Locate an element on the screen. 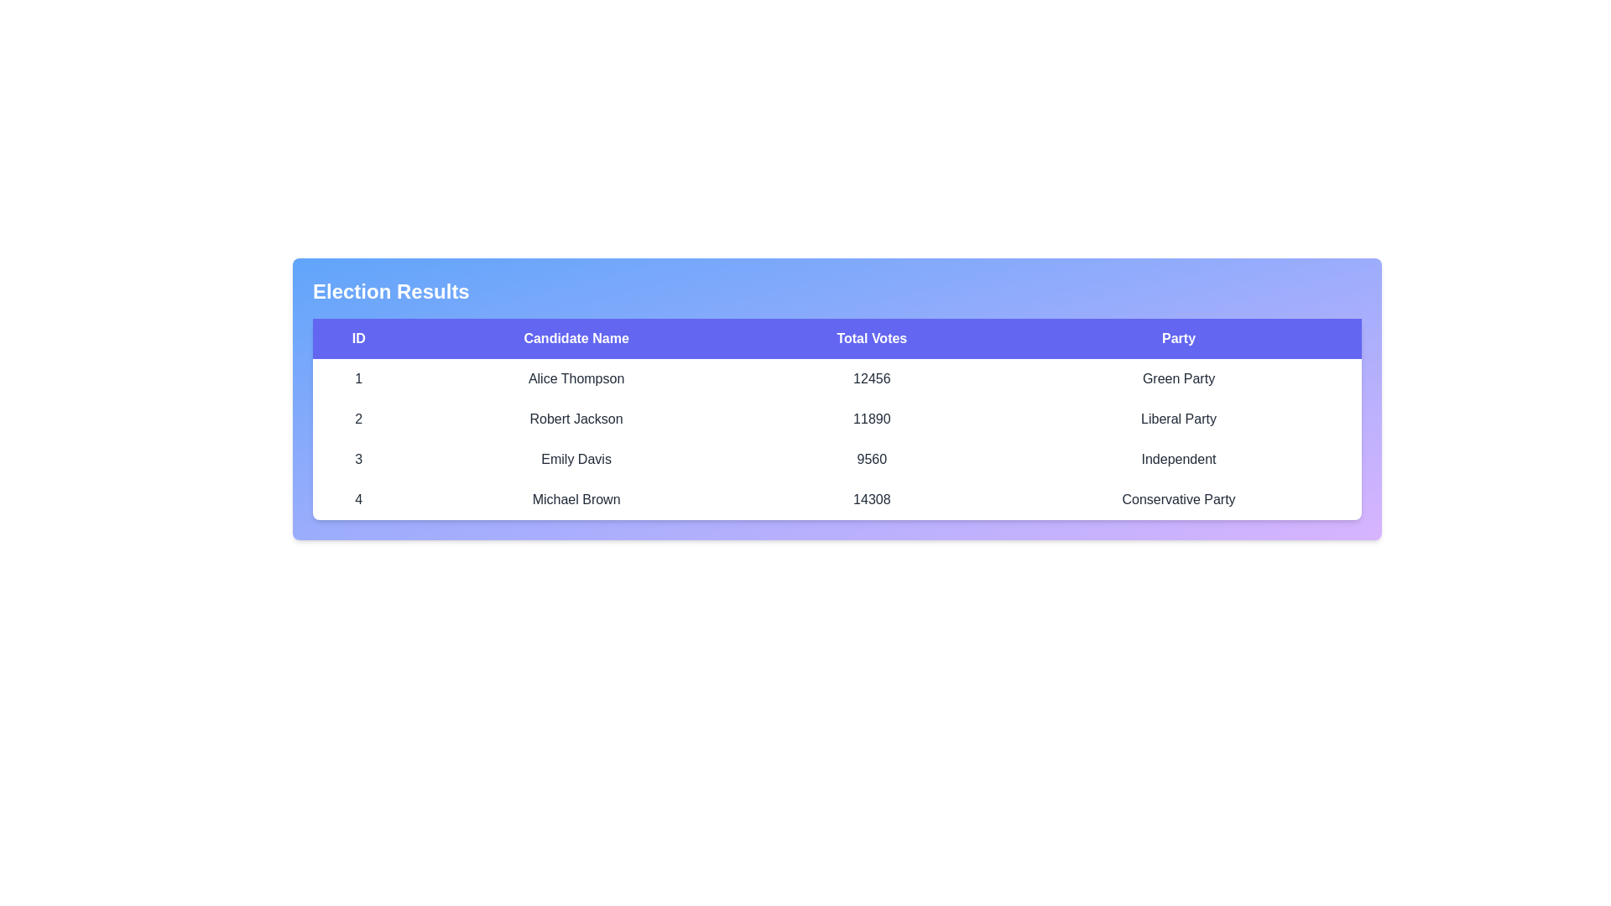 Image resolution: width=1611 pixels, height=906 pixels. the row corresponding to the candidate with ID 2 is located at coordinates (837, 419).